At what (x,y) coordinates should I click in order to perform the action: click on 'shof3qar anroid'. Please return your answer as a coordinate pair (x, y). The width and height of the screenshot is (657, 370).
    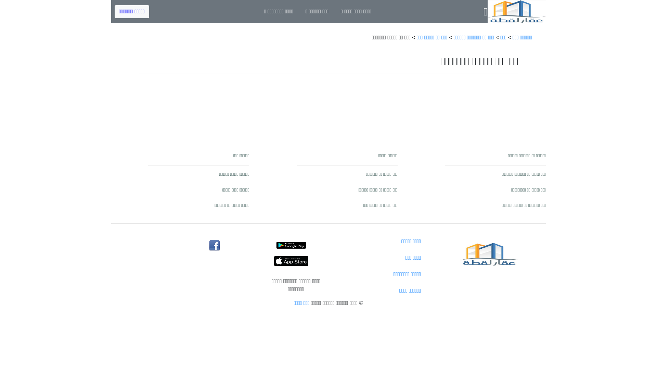
    Looking at the image, I should click on (268, 245).